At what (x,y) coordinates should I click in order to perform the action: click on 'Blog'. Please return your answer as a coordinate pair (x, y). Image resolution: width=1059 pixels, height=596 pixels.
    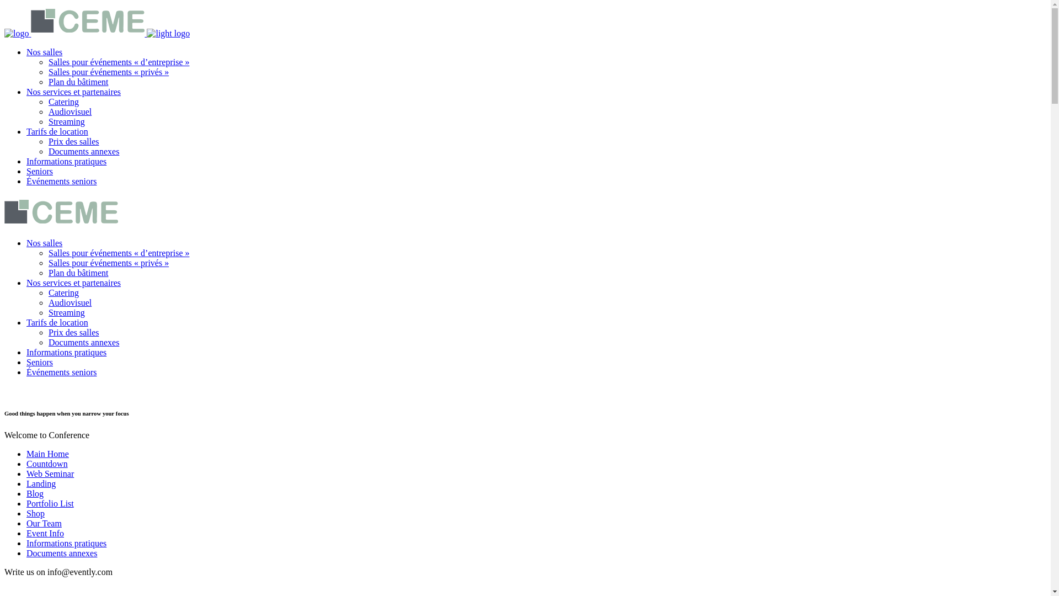
    Looking at the image, I should click on (35, 493).